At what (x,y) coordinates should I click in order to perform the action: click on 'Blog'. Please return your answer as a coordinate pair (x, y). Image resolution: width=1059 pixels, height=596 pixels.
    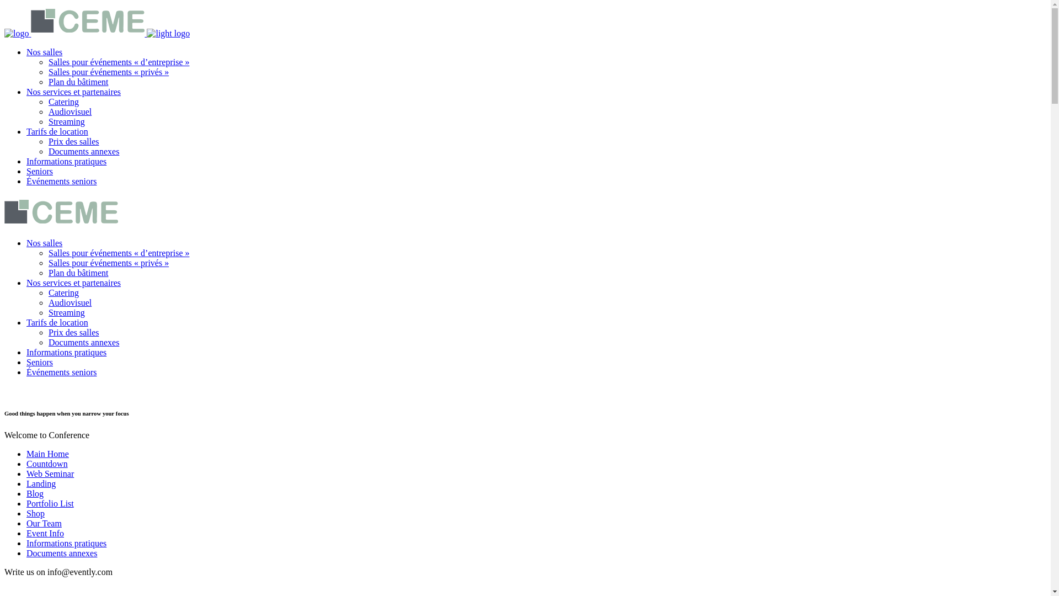
    Looking at the image, I should click on (35, 493).